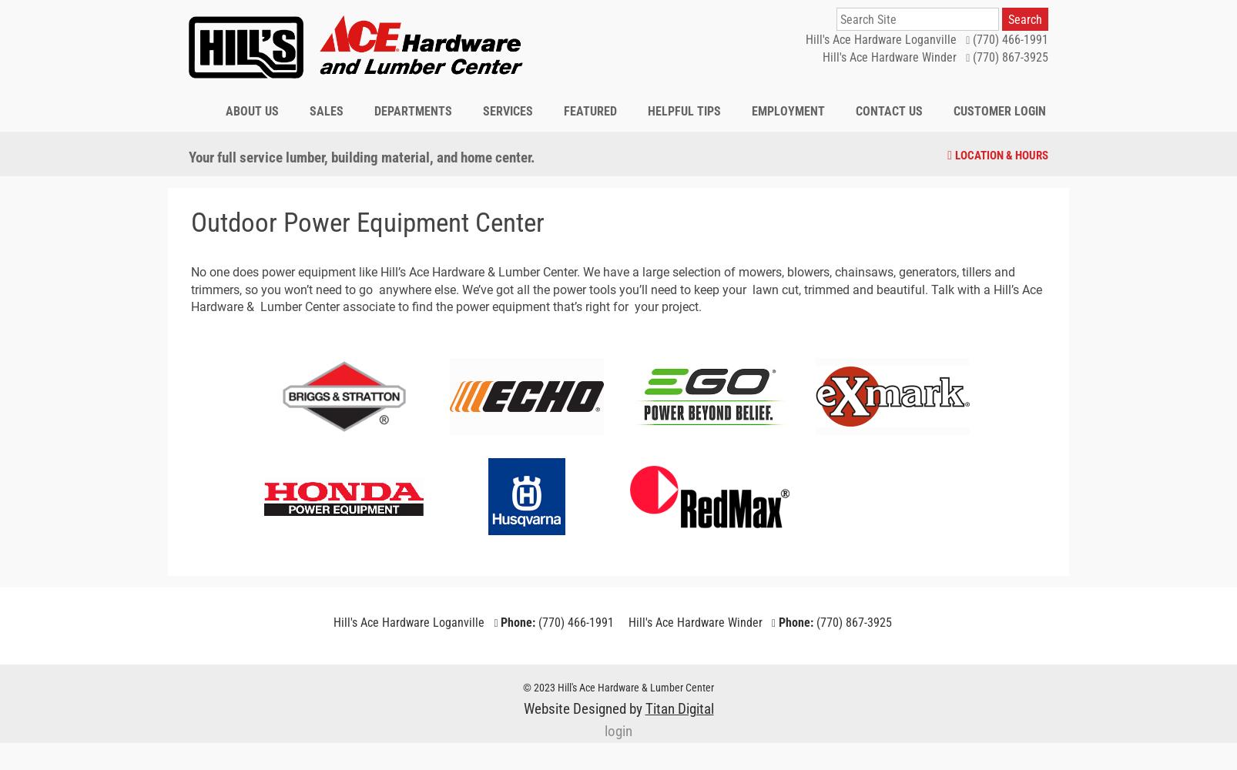 This screenshot has width=1237, height=770. What do you see at coordinates (590, 110) in the screenshot?
I see `'Featured'` at bounding box center [590, 110].